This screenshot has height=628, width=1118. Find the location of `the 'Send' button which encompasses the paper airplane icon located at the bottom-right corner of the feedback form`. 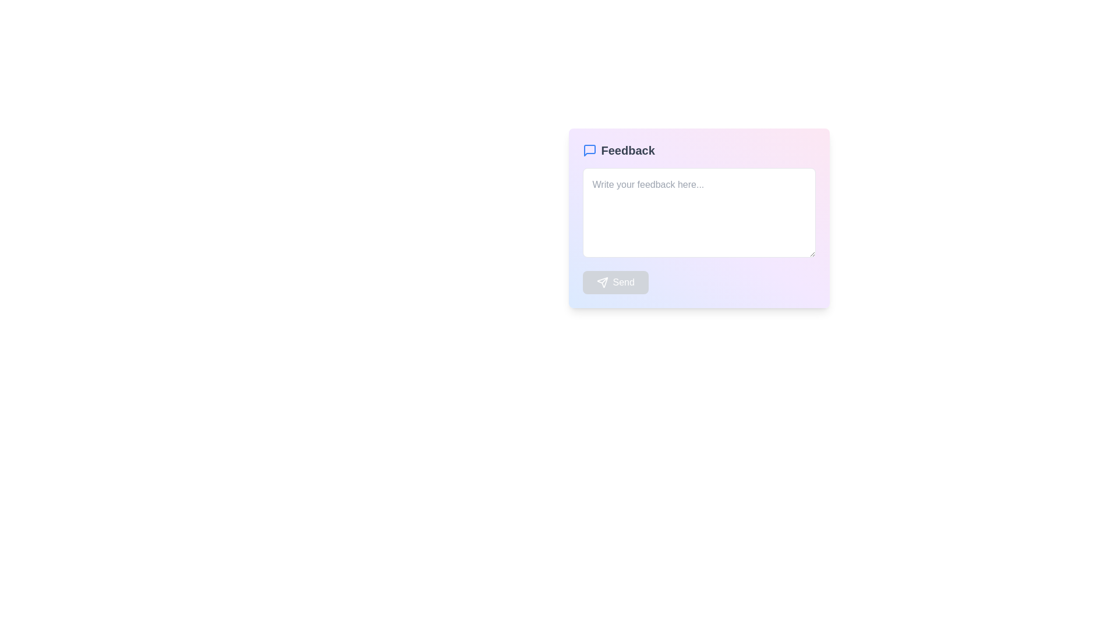

the 'Send' button which encompasses the paper airplane icon located at the bottom-right corner of the feedback form is located at coordinates (602, 283).